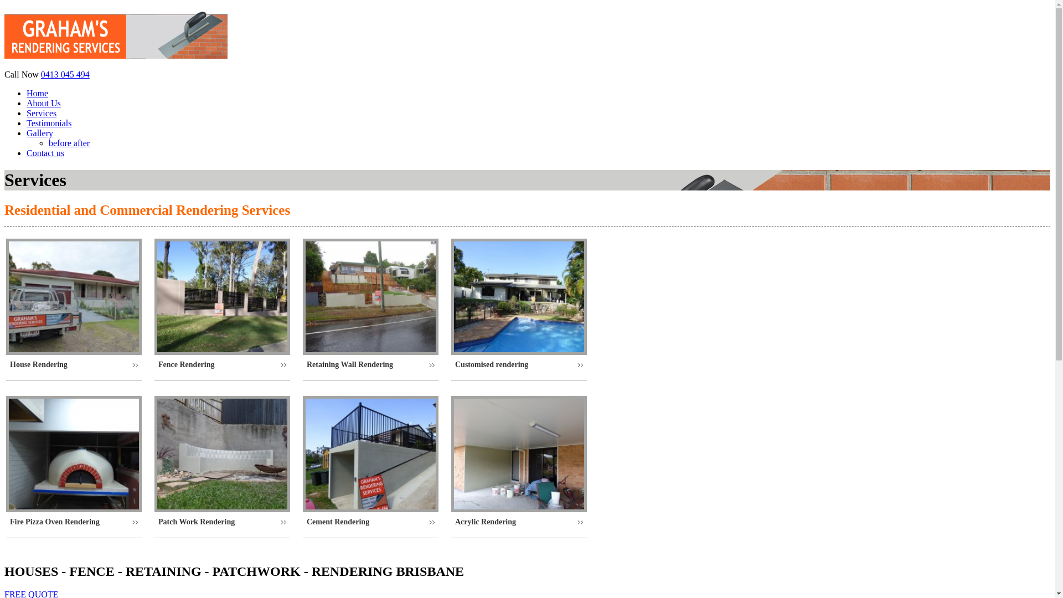 This screenshot has height=598, width=1063. What do you see at coordinates (37, 92) in the screenshot?
I see `'Home'` at bounding box center [37, 92].